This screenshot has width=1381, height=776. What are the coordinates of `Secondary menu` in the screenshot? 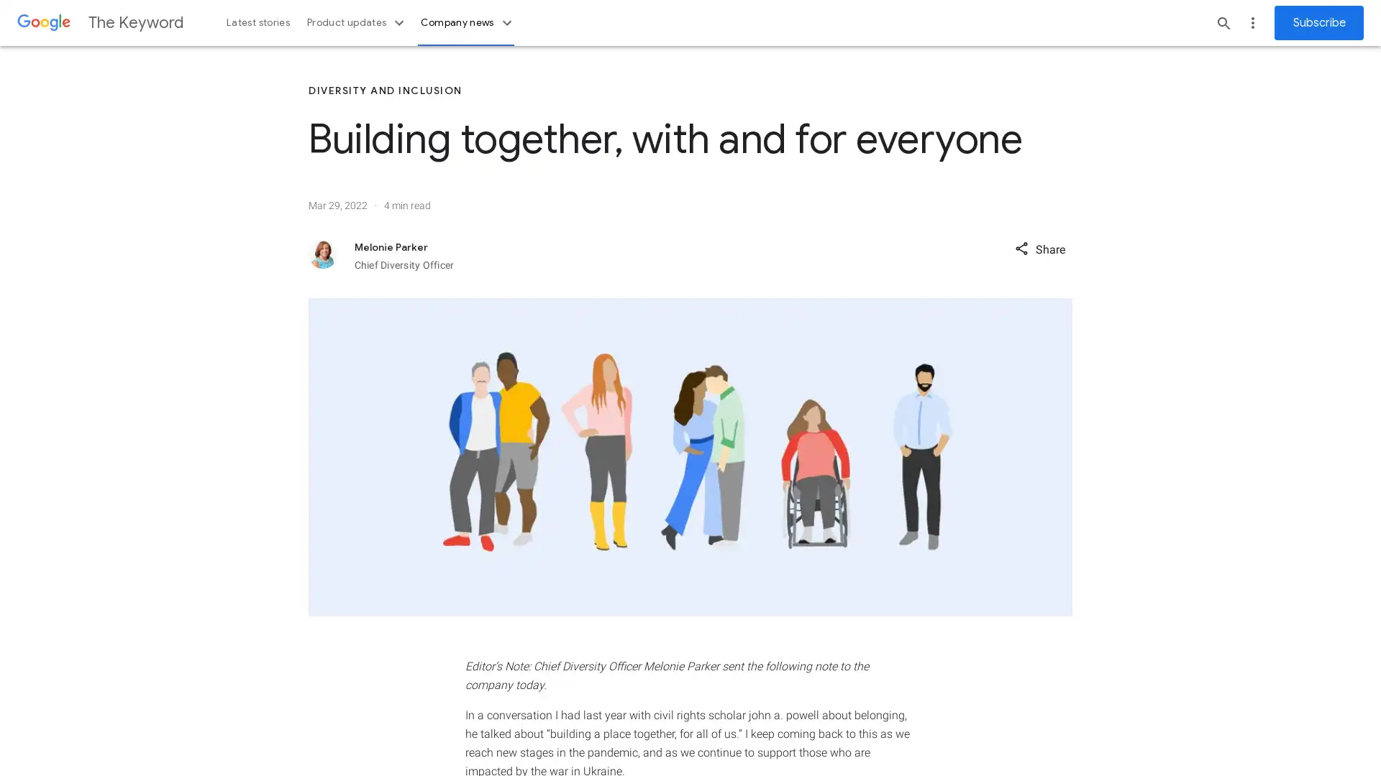 It's located at (1252, 22).